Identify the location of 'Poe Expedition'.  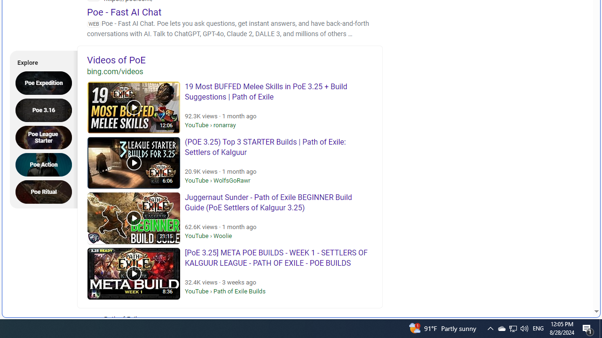
(46, 82).